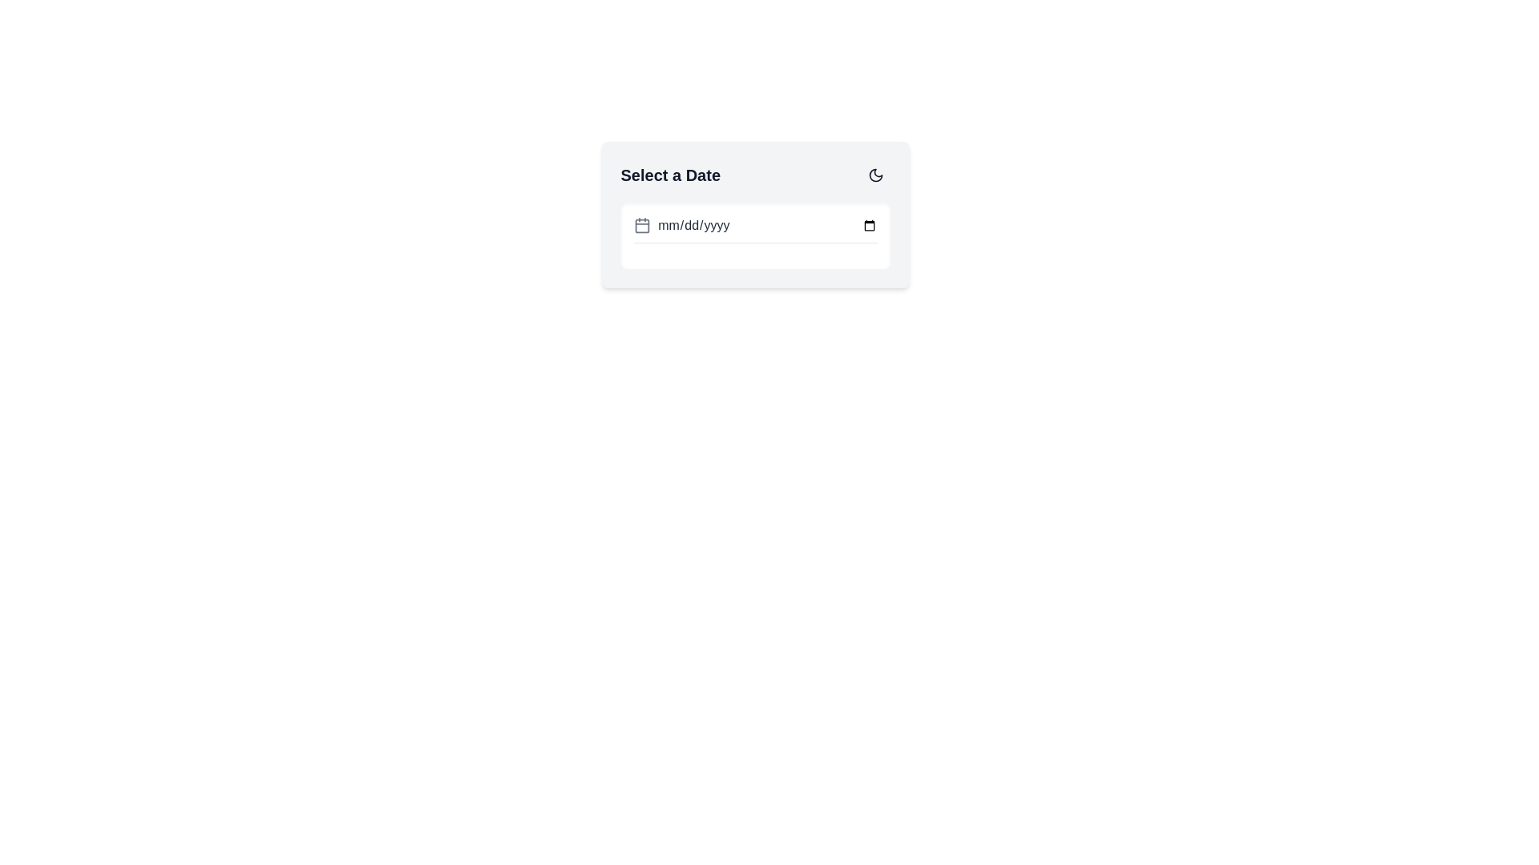  Describe the element at coordinates (642, 225) in the screenshot. I see `the calendar function button located in the 'Select a Date' section` at that location.